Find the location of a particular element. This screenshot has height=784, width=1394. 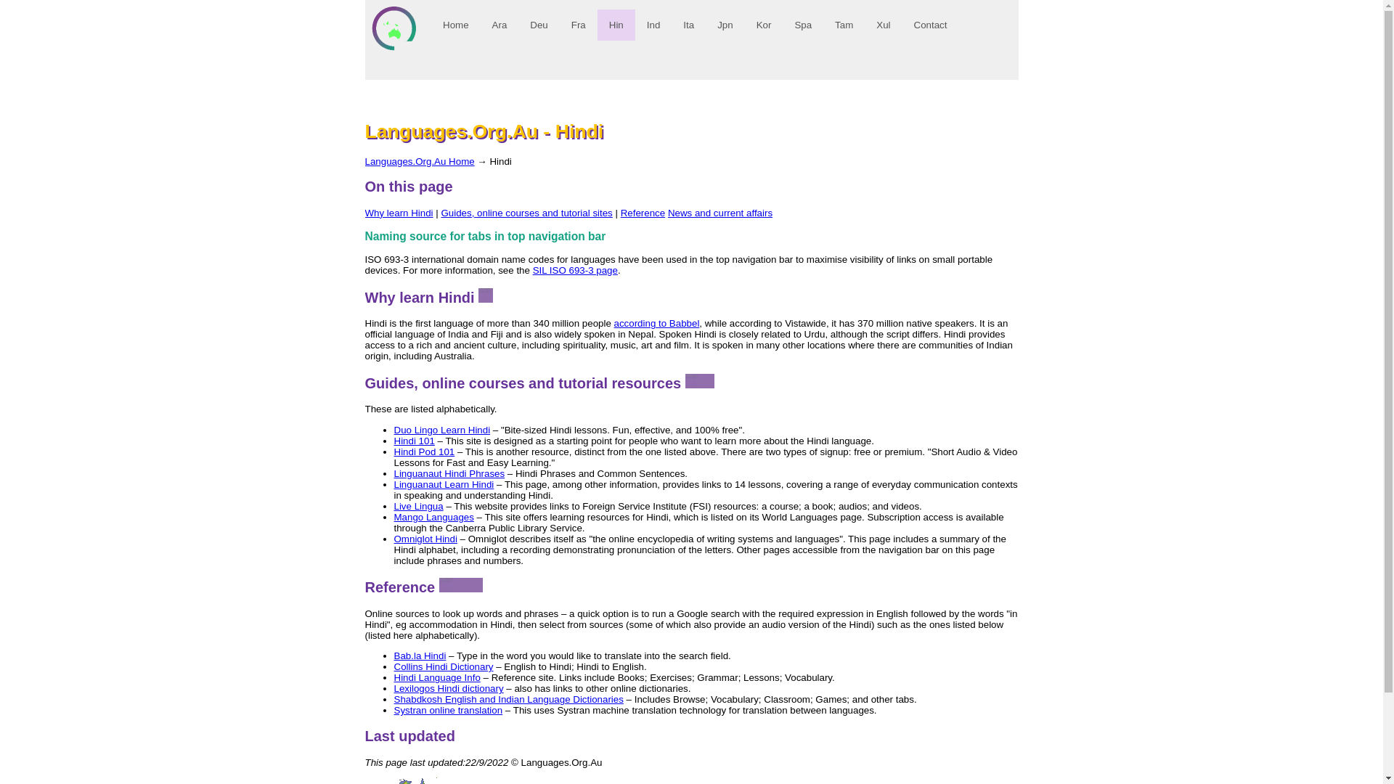

'Ara' is located at coordinates (499, 25).